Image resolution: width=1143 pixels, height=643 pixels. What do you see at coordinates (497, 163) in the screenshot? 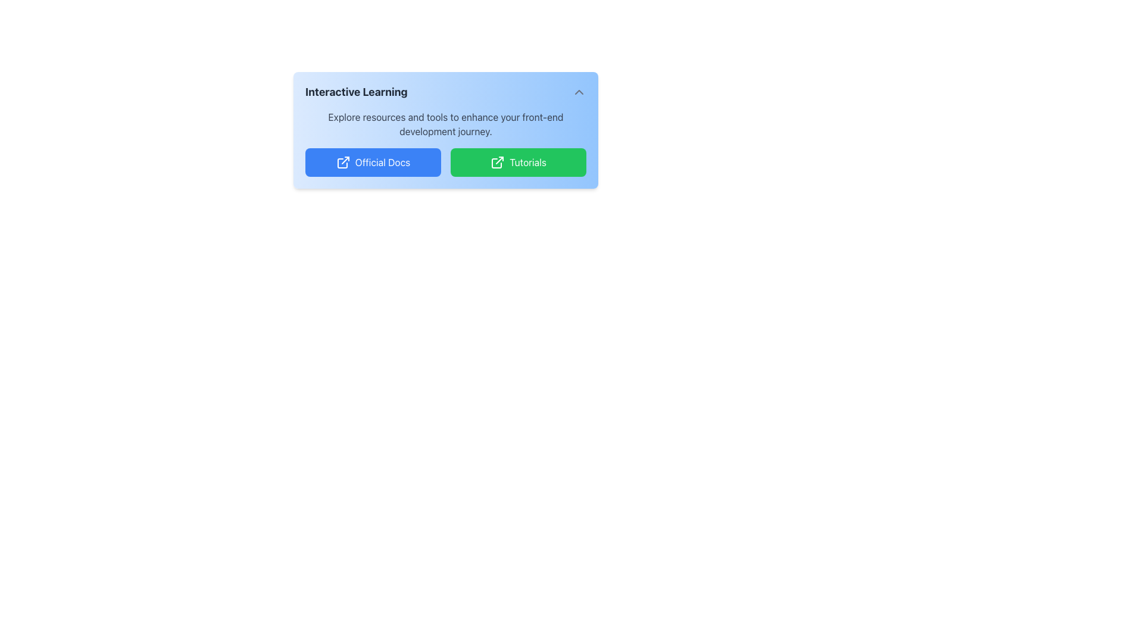
I see `the external link icon located on the left side of the green 'Tutorials' button, which features a diagonal upward-right arrow` at bounding box center [497, 163].